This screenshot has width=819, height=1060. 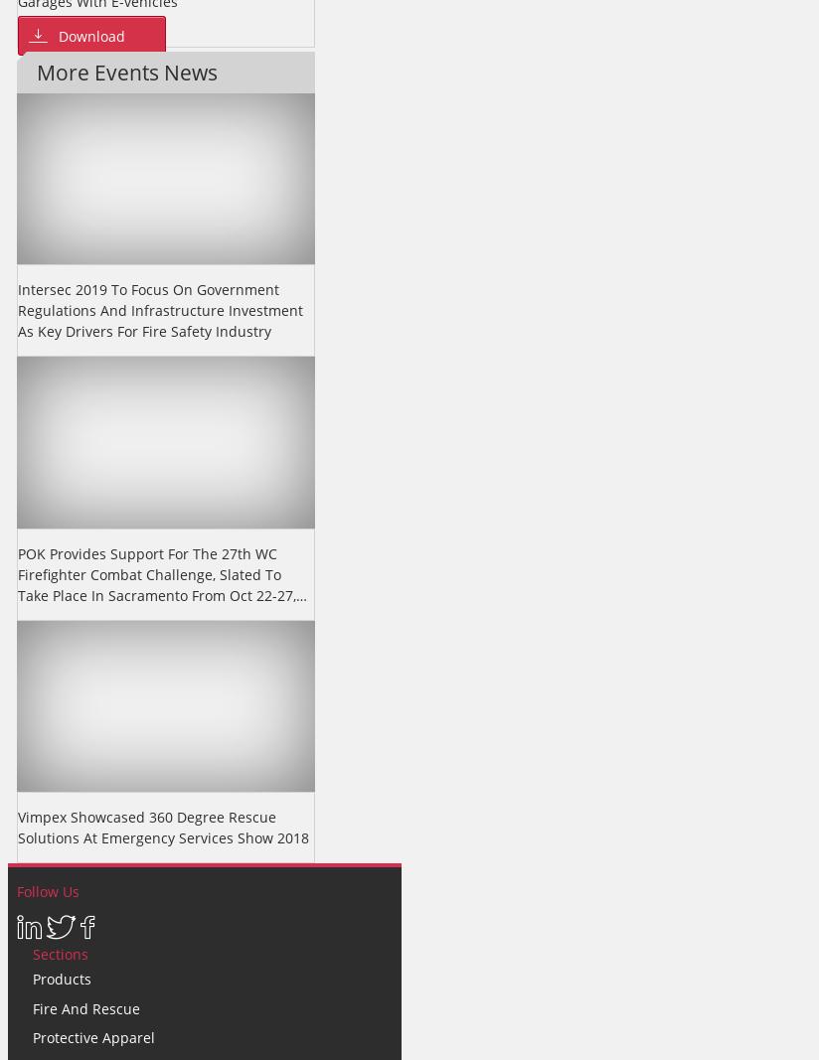 I want to click on 'Fire and Rescue', so click(x=85, y=1007).